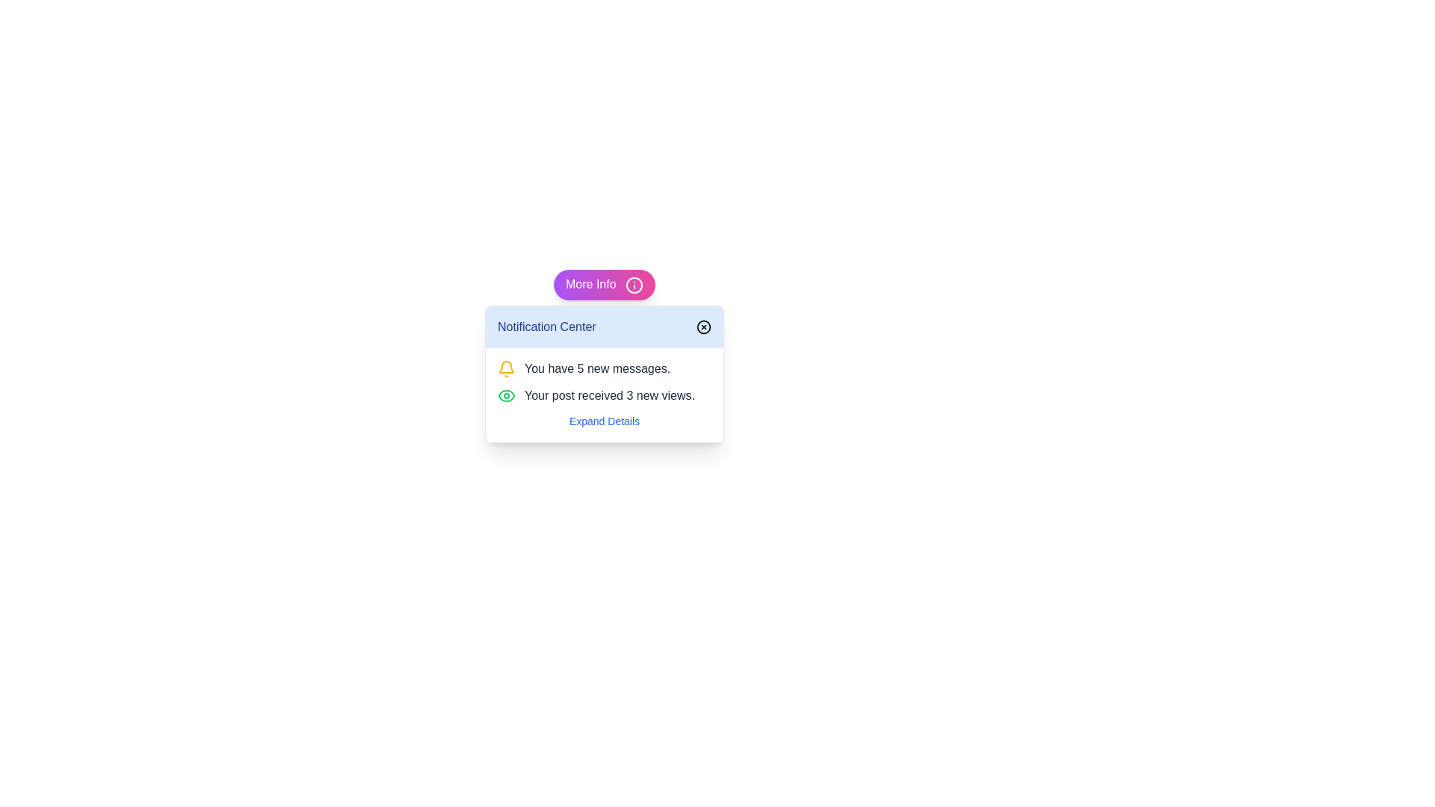 The height and width of the screenshot is (807, 1435). Describe the element at coordinates (605, 395) in the screenshot. I see `the second notification item in the notification panel that informs the user about new views their post has received` at that location.